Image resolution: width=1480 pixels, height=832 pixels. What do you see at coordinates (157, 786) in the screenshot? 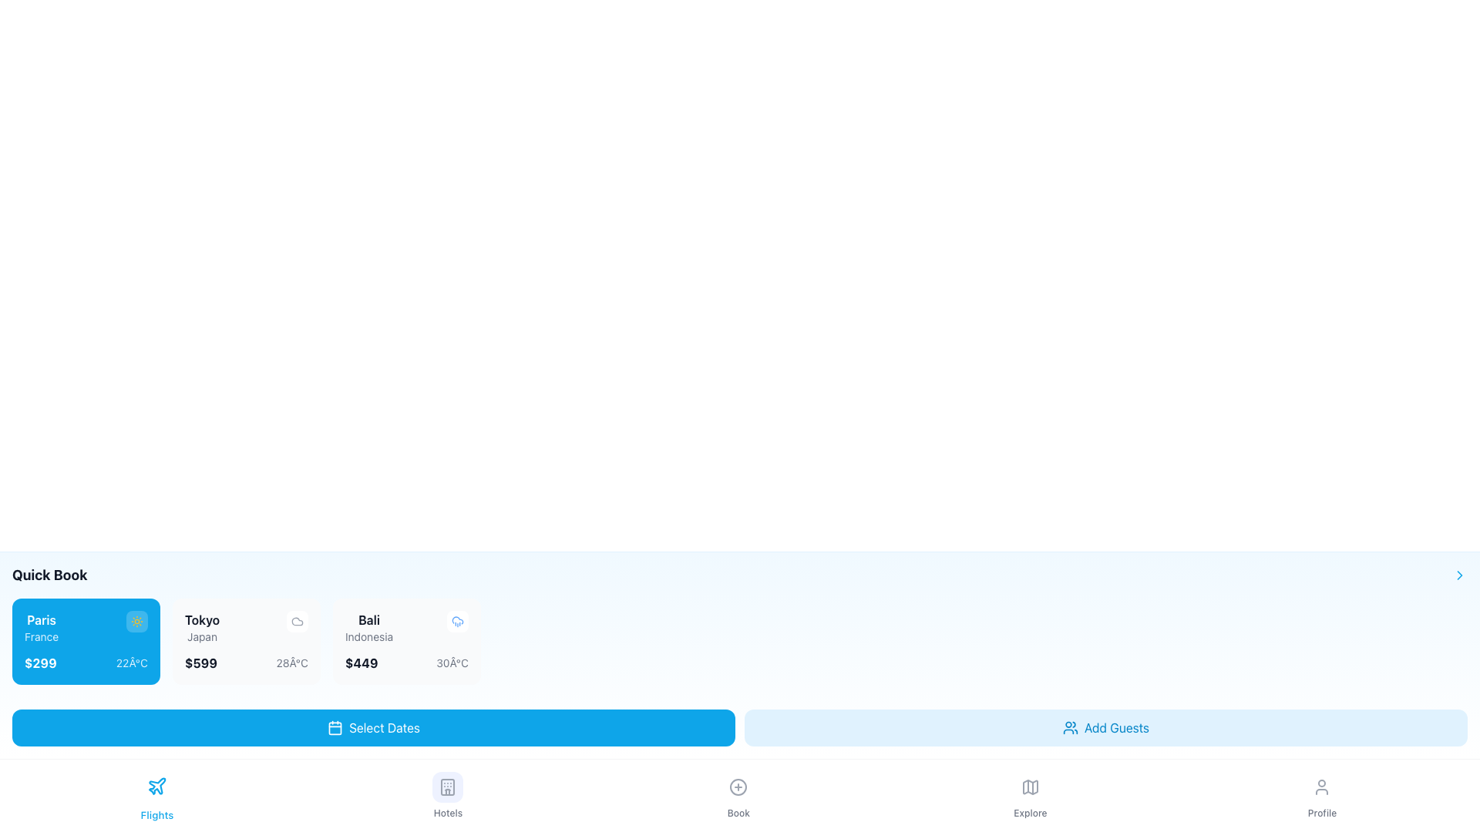
I see `on the airplane icon in the bottom navigation bar, which is the first item from the left and is located above the text 'Flights'` at bounding box center [157, 786].